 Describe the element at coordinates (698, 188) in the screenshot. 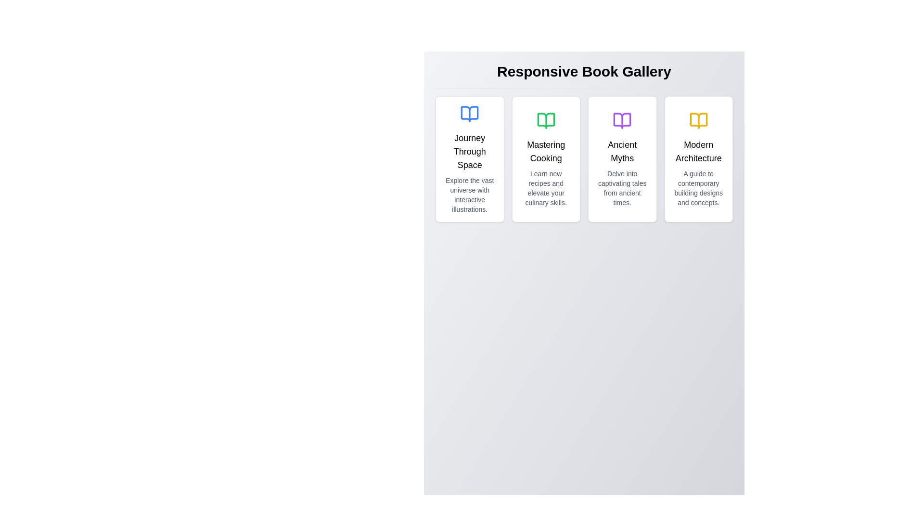

I see `the text label 'A guide to contemporary building designs and concepts.' located below the title 'Modern Architecture' in the fourth card of the grid` at that location.